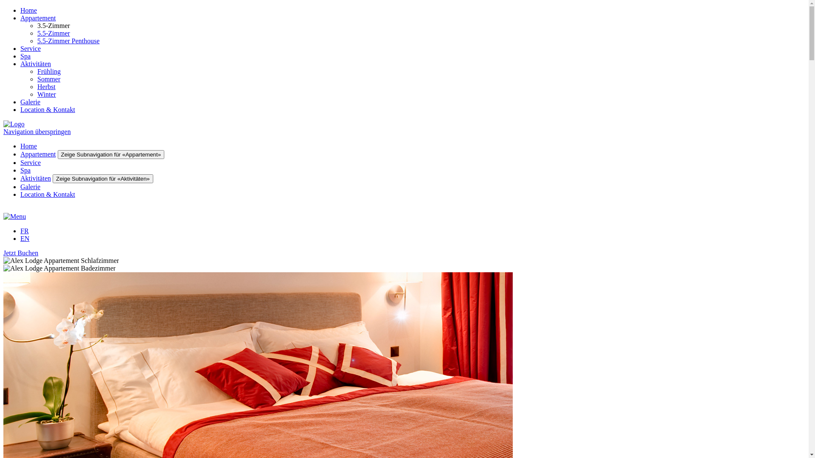 Image resolution: width=815 pixels, height=458 pixels. I want to click on '5.5-Zimmer Penthouse', so click(37, 41).